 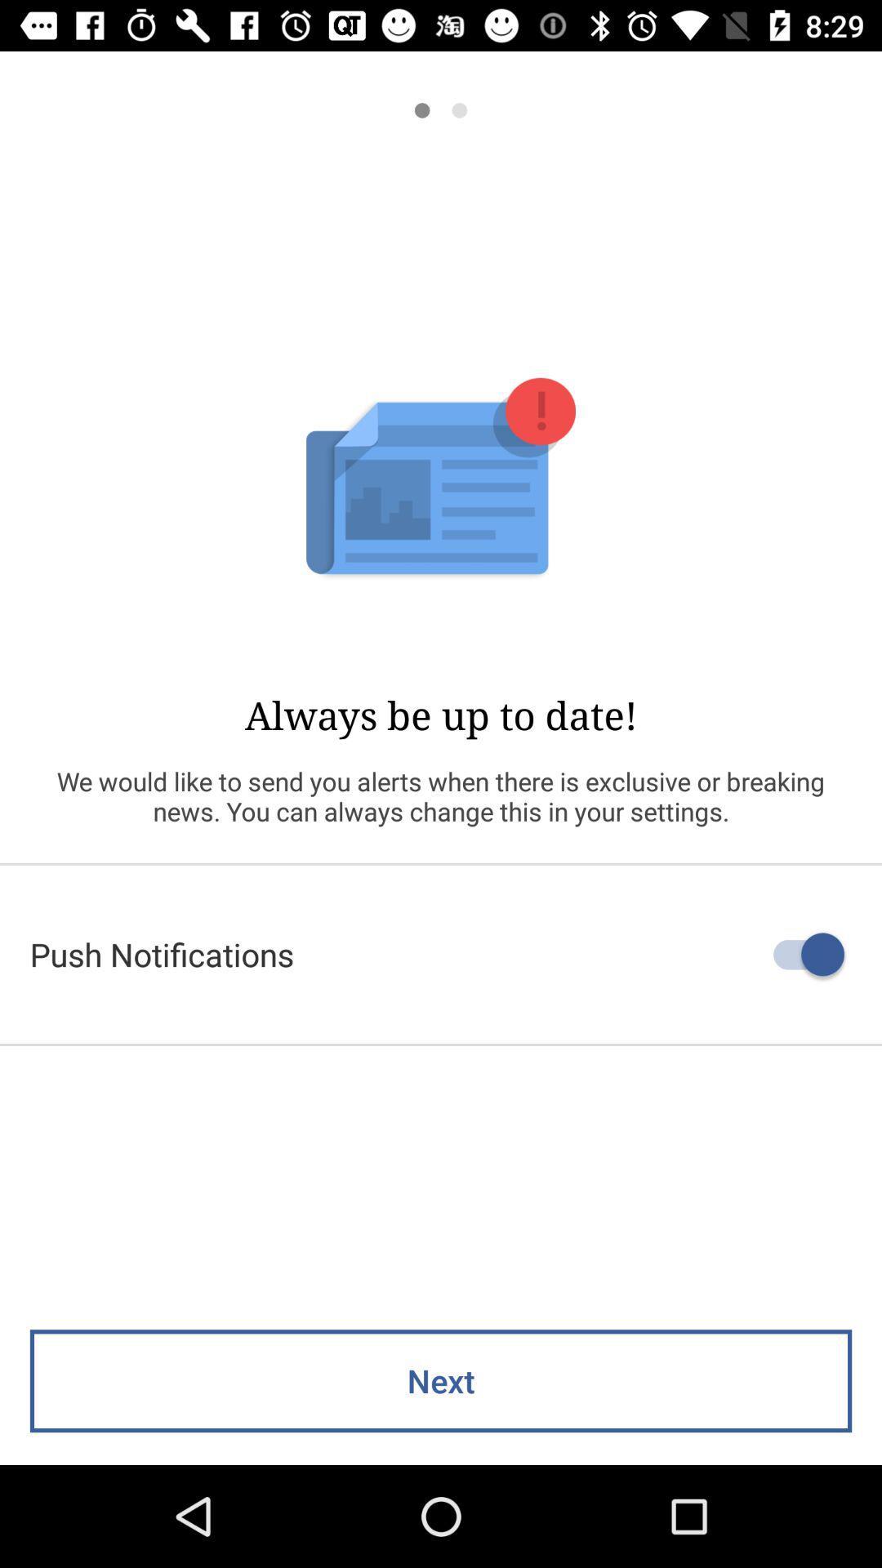 What do you see at coordinates (441, 1380) in the screenshot?
I see `the next` at bounding box center [441, 1380].